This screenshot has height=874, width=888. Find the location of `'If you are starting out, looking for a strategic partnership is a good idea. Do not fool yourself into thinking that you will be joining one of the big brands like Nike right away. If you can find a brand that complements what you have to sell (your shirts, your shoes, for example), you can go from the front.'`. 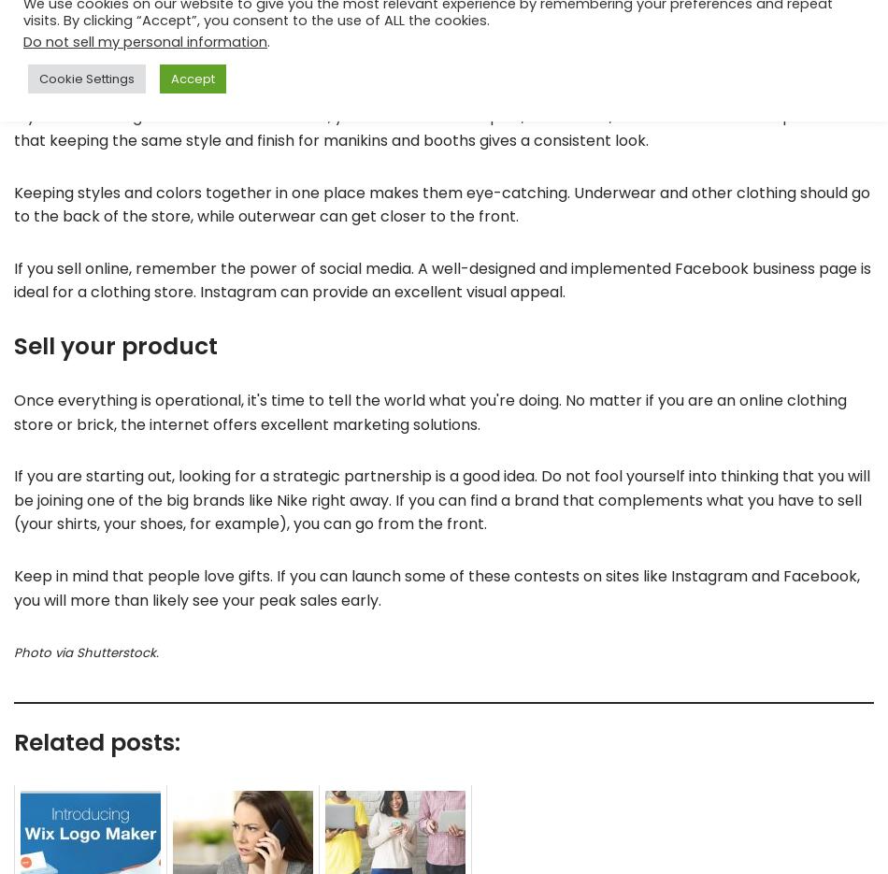

'If you are starting out, looking for a strategic partnership is a good idea. Do not fool yourself into thinking that you will be joining one of the big brands like Nike right away. If you can find a brand that complements what you have to sell (your shirts, your shoes, for example), you can go from the front.' is located at coordinates (441, 499).